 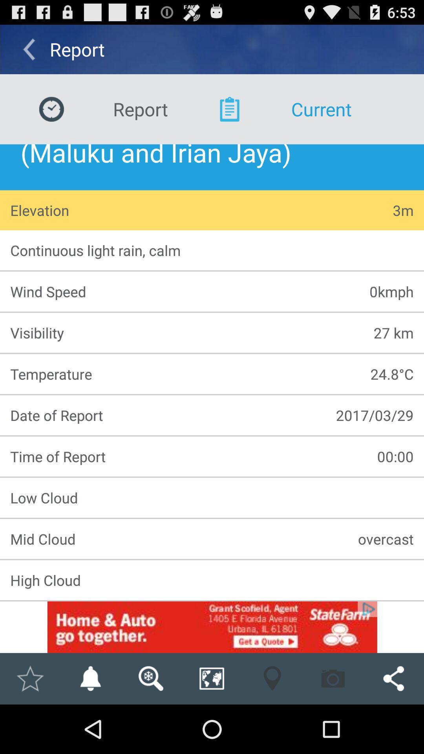 What do you see at coordinates (333, 678) in the screenshot?
I see `take a screenshot` at bounding box center [333, 678].